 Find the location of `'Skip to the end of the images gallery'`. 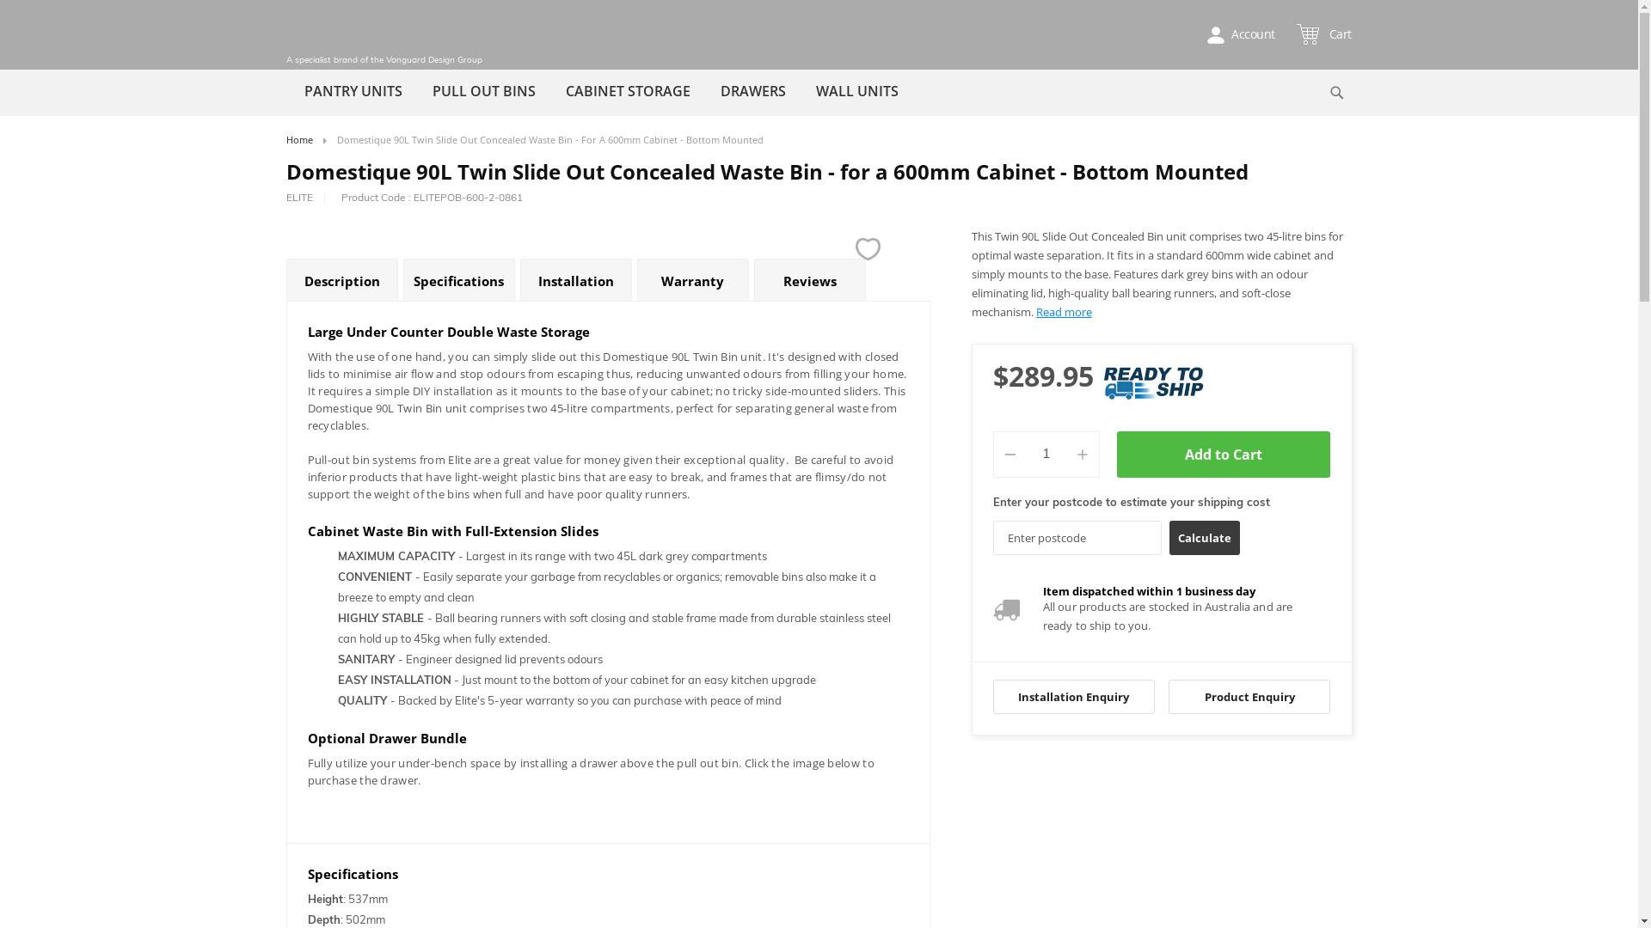

'Skip to the end of the images gallery' is located at coordinates (285, 226).